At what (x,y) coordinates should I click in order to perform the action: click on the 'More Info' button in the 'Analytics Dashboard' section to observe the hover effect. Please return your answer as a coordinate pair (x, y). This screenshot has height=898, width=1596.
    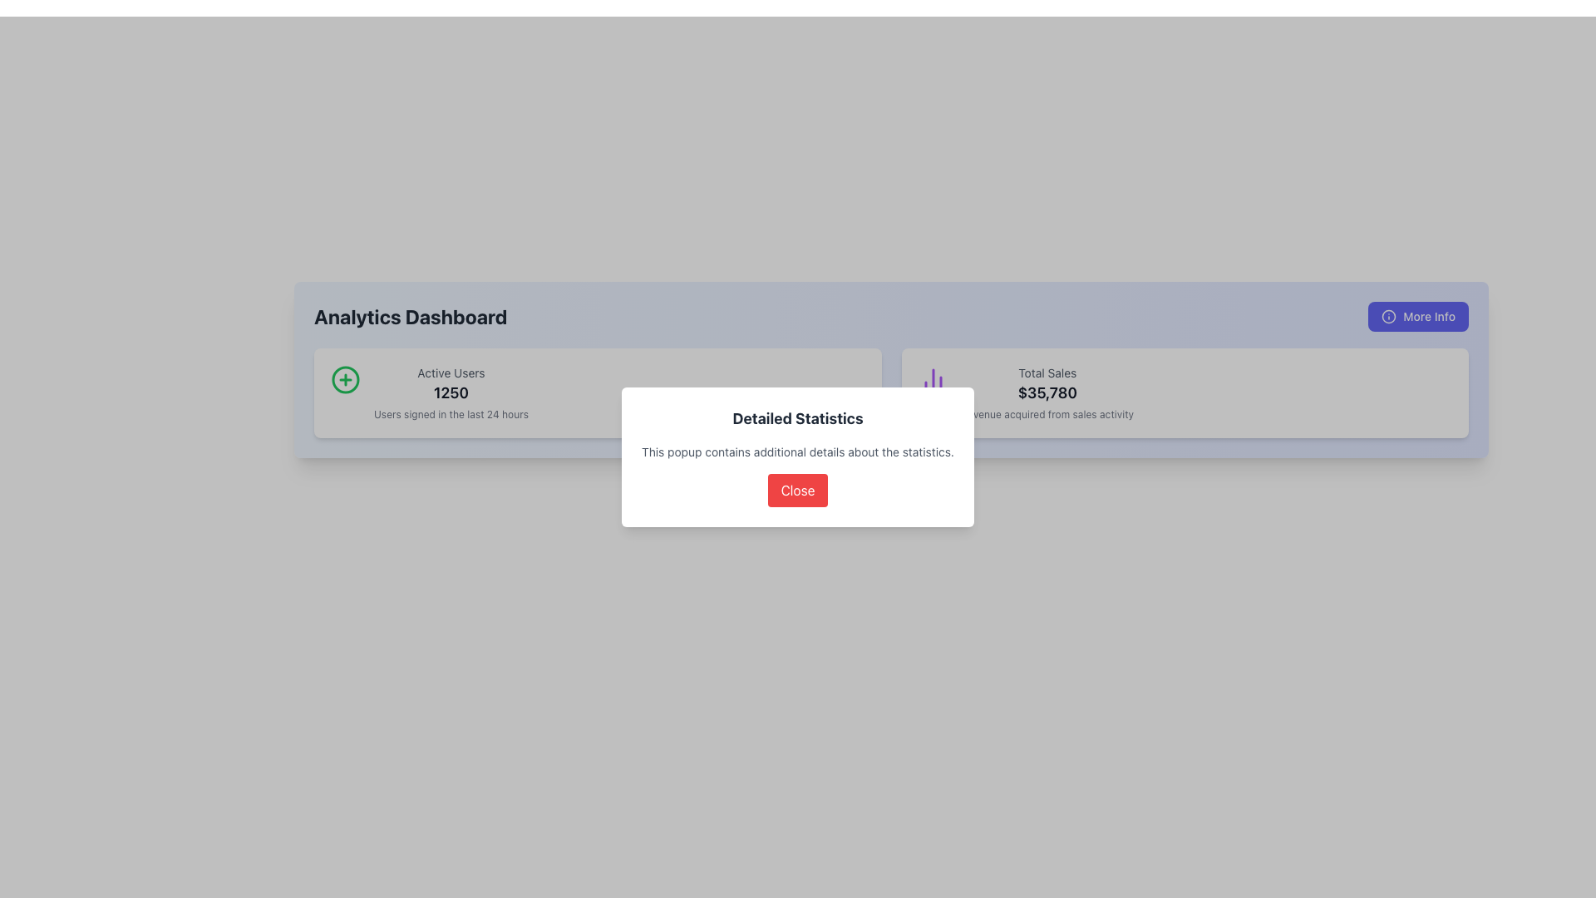
    Looking at the image, I should click on (890, 317).